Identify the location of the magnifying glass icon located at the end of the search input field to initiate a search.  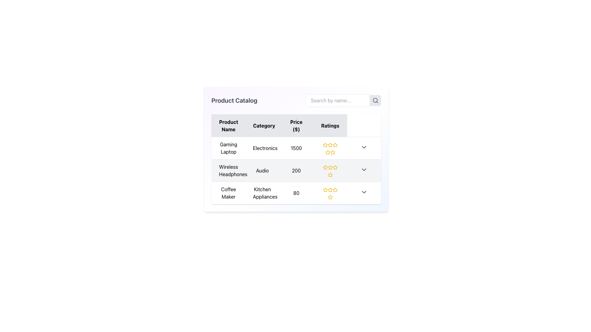
(375, 100).